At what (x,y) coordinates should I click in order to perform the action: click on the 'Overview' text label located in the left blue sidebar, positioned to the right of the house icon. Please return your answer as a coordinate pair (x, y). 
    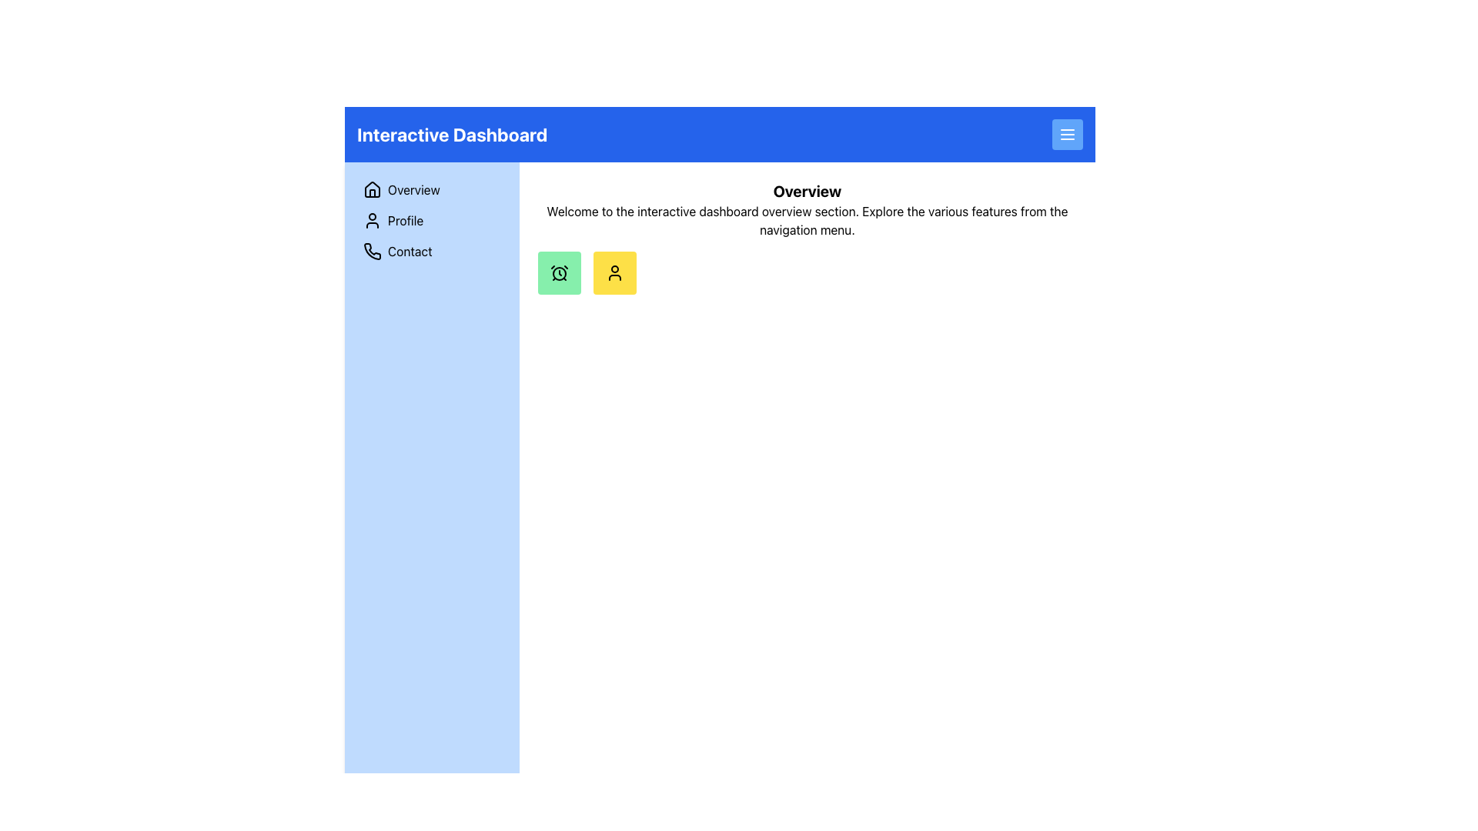
    Looking at the image, I should click on (413, 189).